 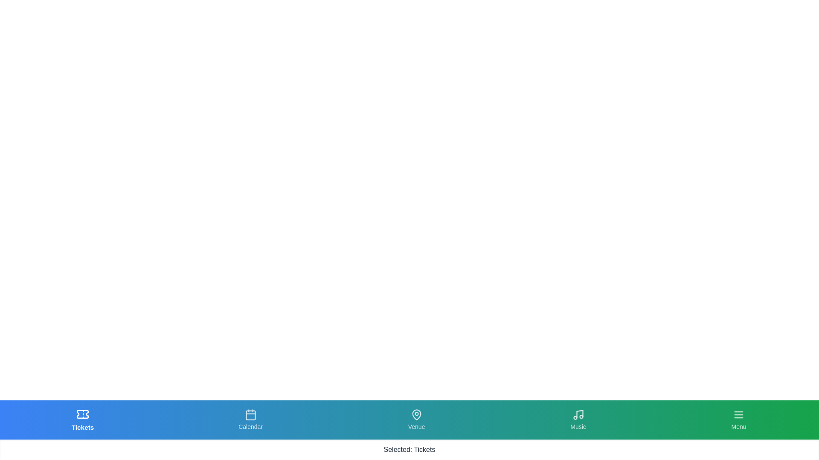 What do you see at coordinates (250, 420) in the screenshot?
I see `the Calendar tab in the navigation bar` at bounding box center [250, 420].